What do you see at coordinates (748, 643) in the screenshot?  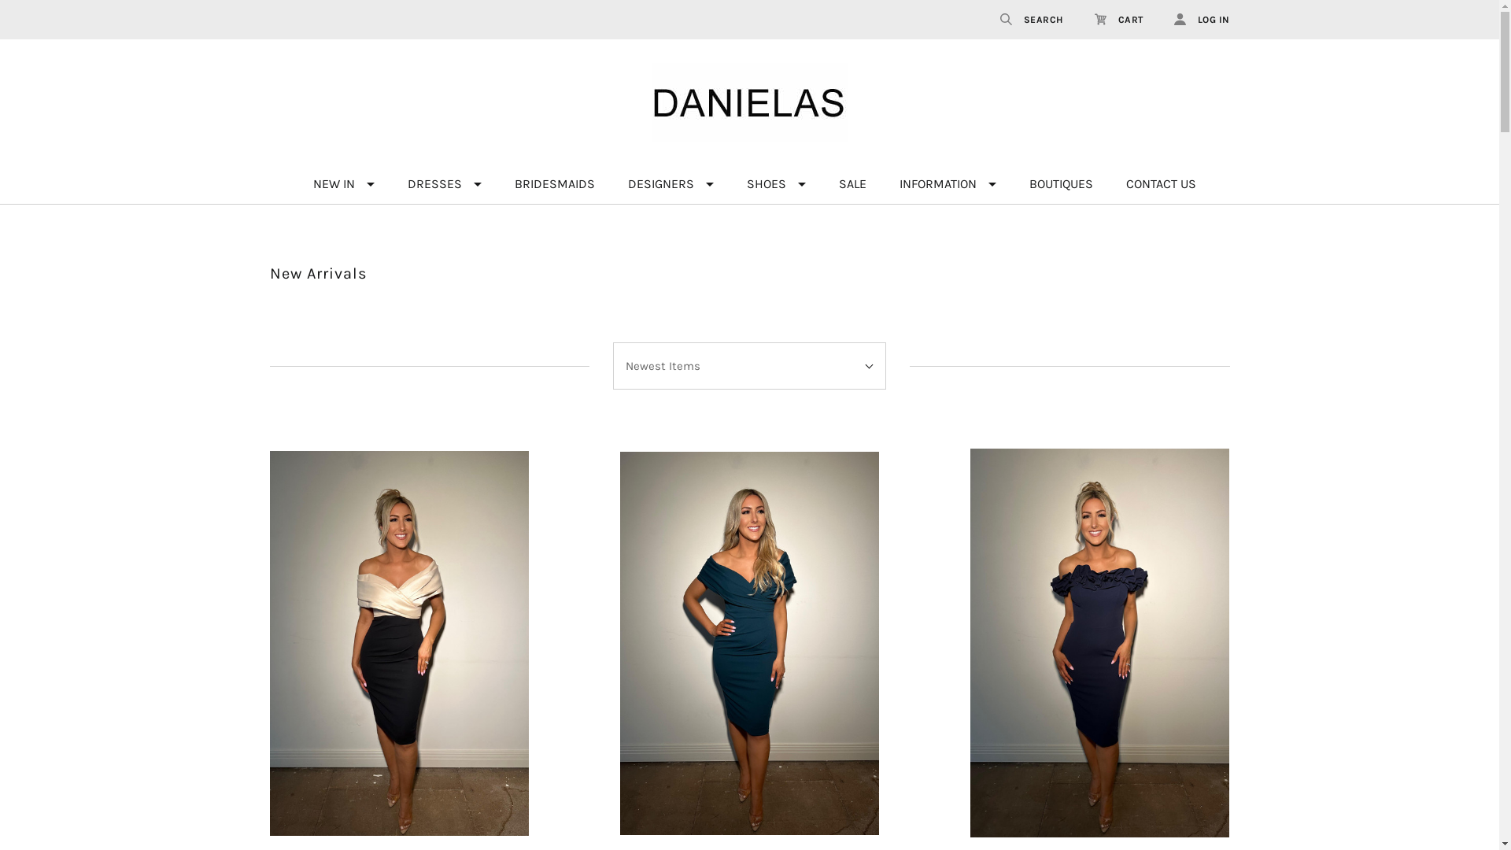 I see `'COCO MIDI EMERALD'` at bounding box center [748, 643].